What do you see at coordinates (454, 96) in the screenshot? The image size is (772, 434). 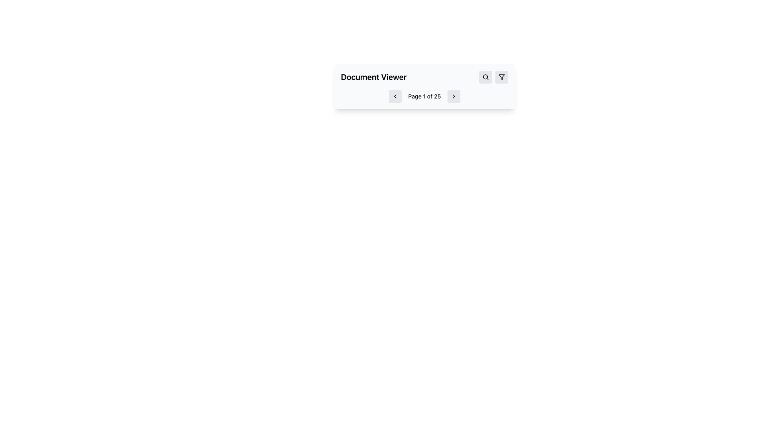 I see `the right-pointing chevron icon located within the control panel button at the top center of the UI` at bounding box center [454, 96].